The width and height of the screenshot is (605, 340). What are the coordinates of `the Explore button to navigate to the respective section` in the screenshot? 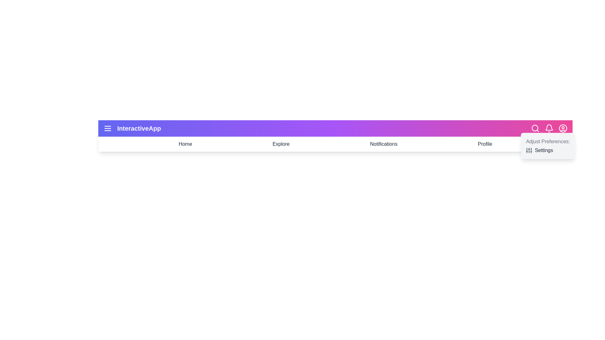 It's located at (281, 144).